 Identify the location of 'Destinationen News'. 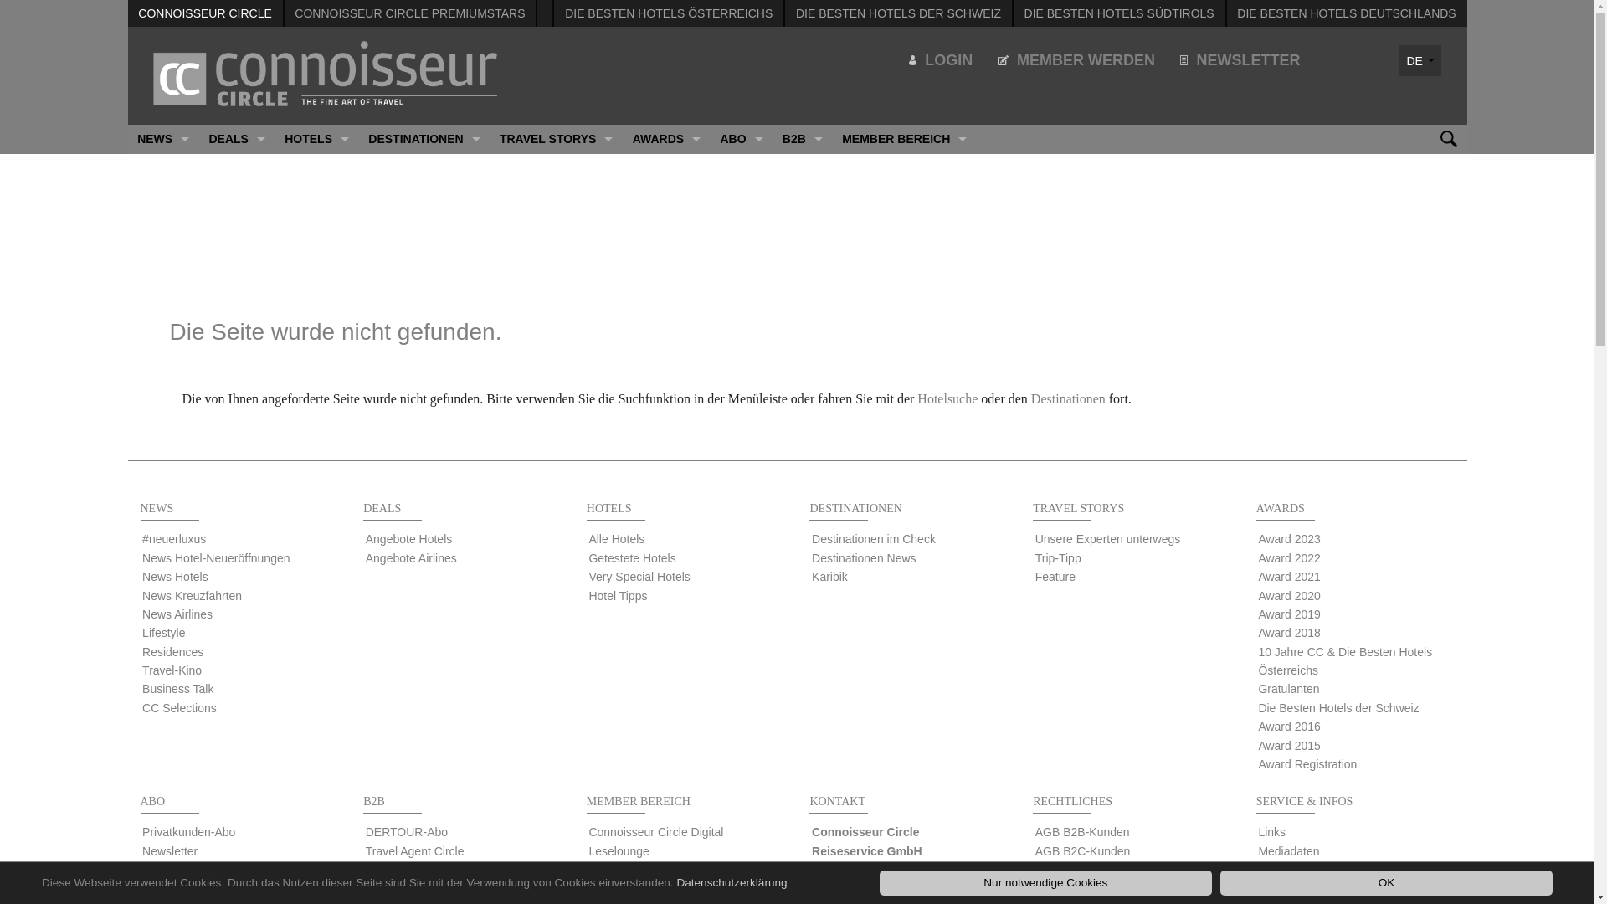
(864, 558).